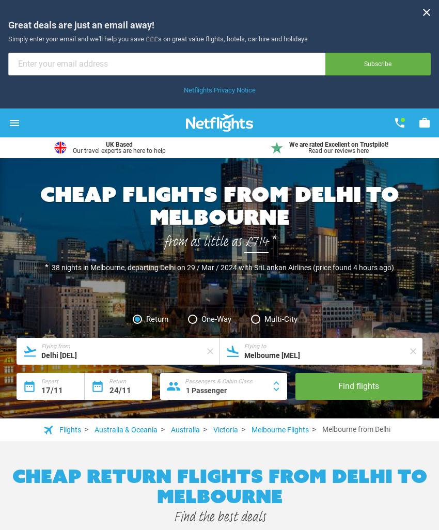  I want to click on 'Flying from', so click(55, 346).